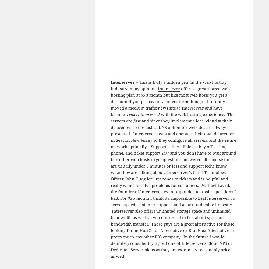 The image size is (269, 269). I want to click on 'and have been', so click(166, 111).